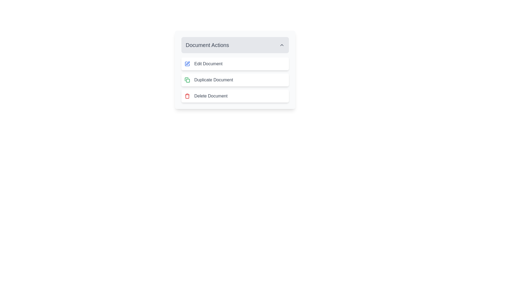 This screenshot has width=516, height=290. I want to click on the 'Document Actions' expandable button, which has a light gray background and rounded corners, so click(235, 45).